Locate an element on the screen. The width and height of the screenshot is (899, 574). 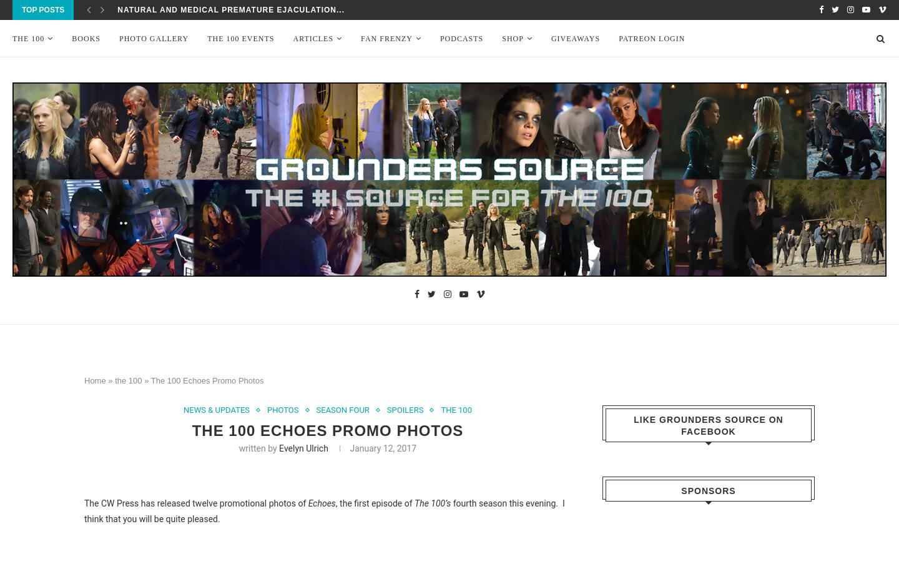
'Shop' is located at coordinates (512, 39).